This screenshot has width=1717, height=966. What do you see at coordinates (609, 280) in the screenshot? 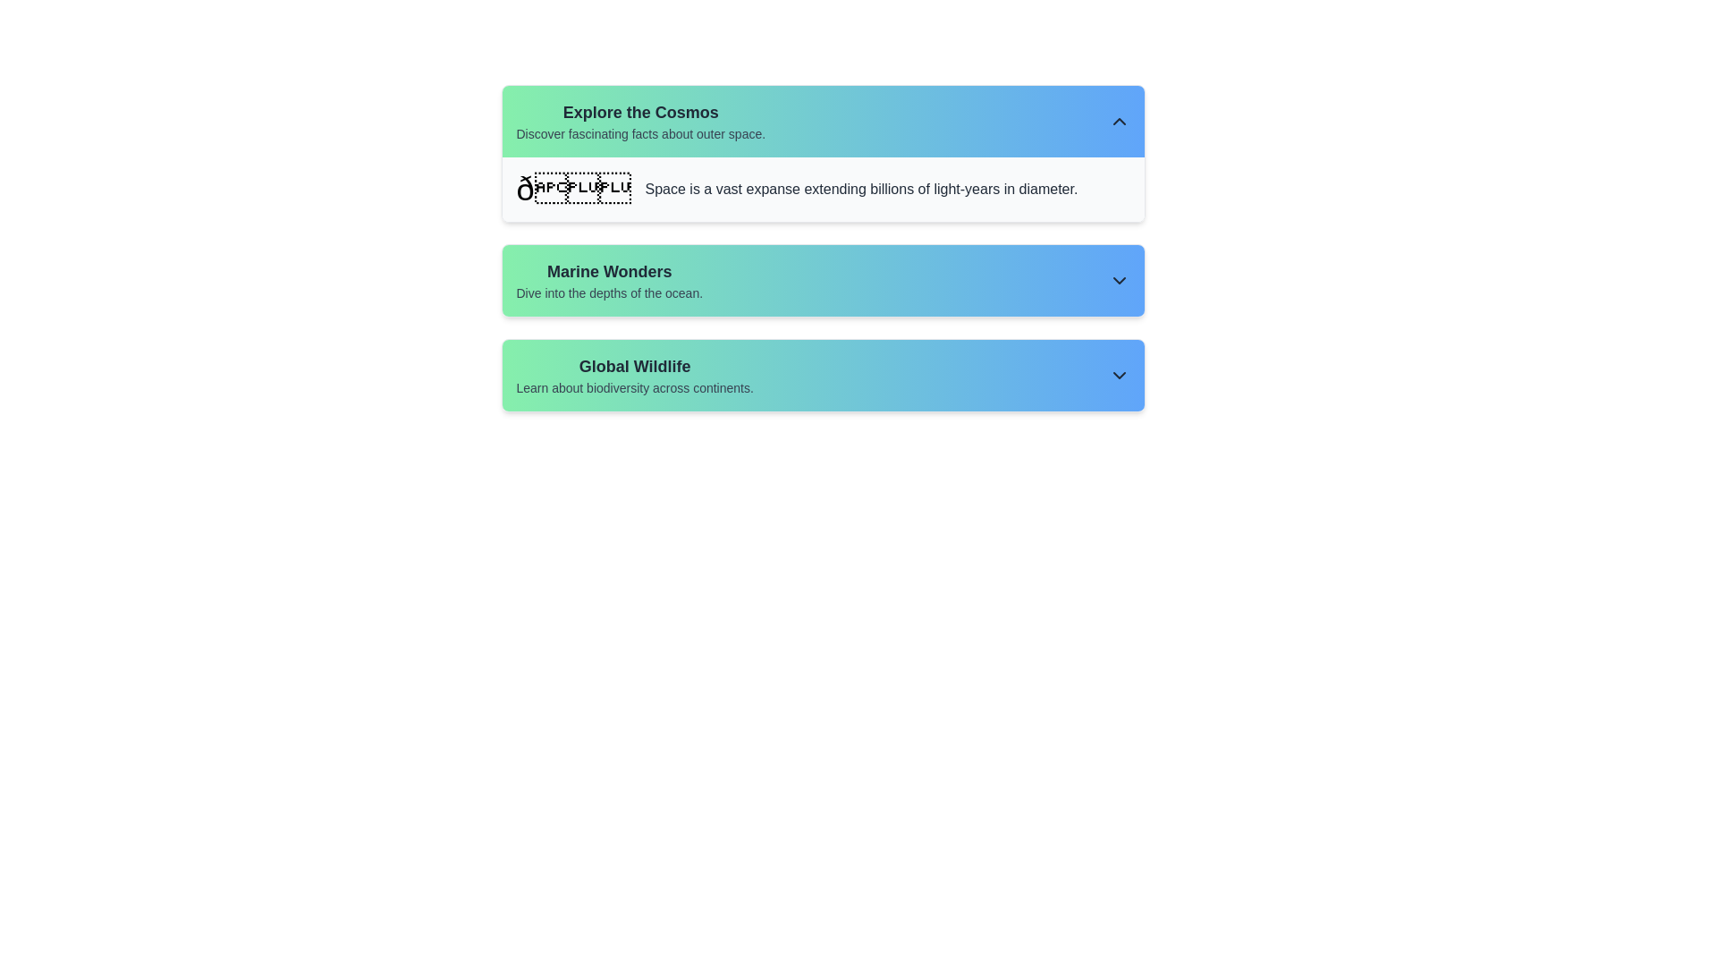
I see `the 'Marine Wonders' text block, which contains the title in bold gray font and a description about ocean depths, located between 'Explore the Cosmos' and 'Global Wildlife'` at bounding box center [609, 280].